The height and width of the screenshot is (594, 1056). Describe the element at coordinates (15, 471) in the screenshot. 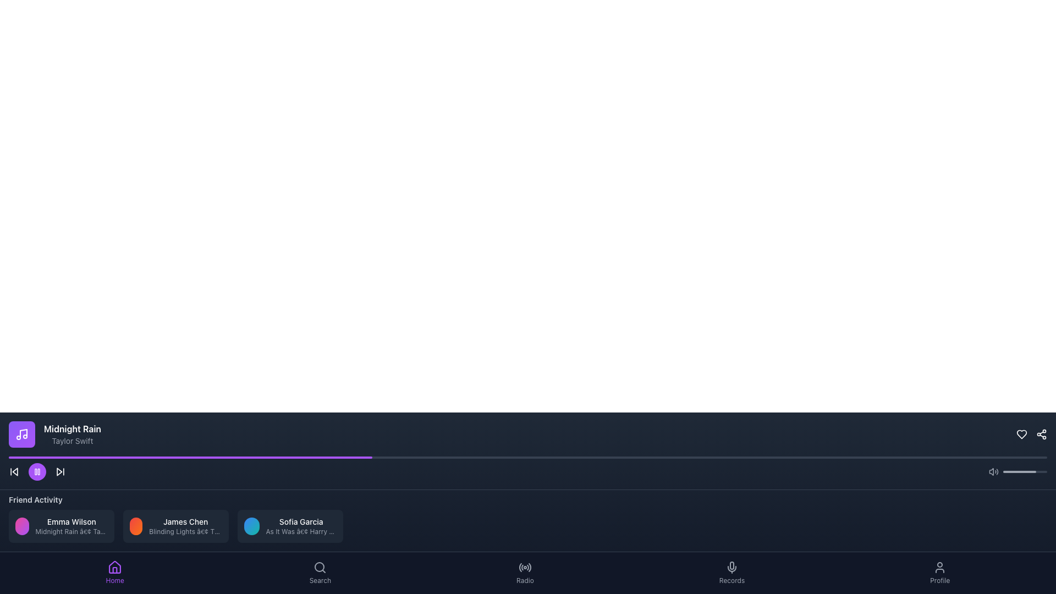

I see `the left-pointing triangular arrow icon to skip to the previous media track` at that location.